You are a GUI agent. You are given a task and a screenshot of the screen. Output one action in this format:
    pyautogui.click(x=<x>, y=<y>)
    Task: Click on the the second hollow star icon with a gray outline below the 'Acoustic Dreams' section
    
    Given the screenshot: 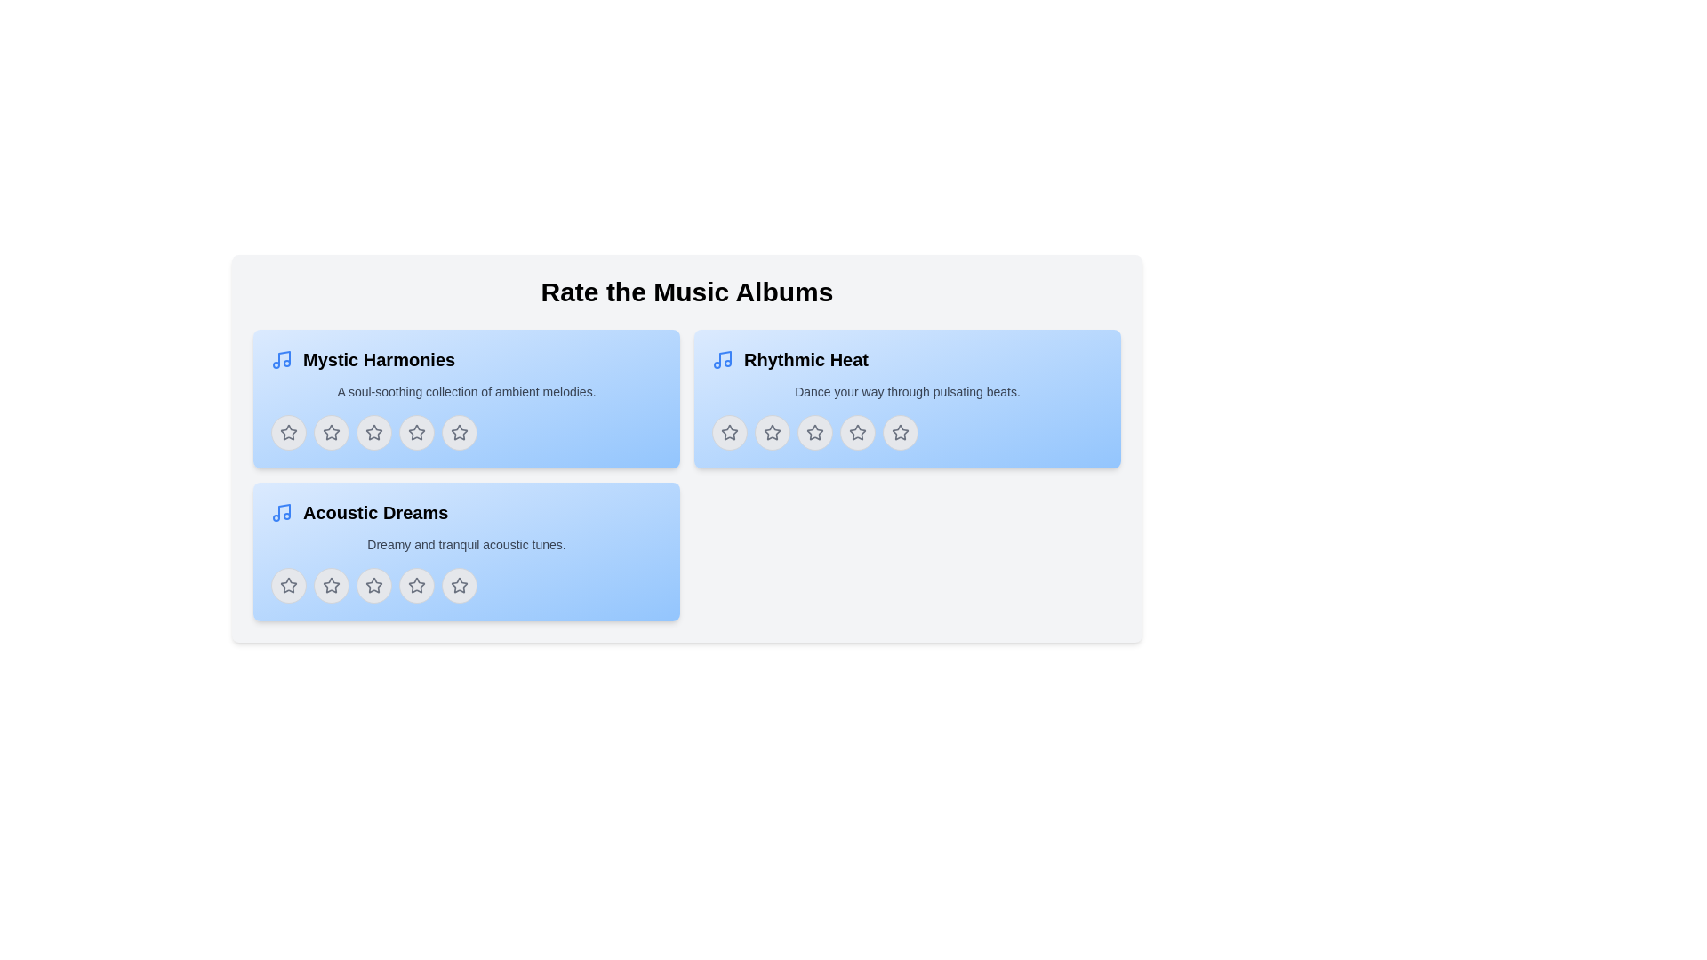 What is the action you would take?
    pyautogui.click(x=373, y=586)
    